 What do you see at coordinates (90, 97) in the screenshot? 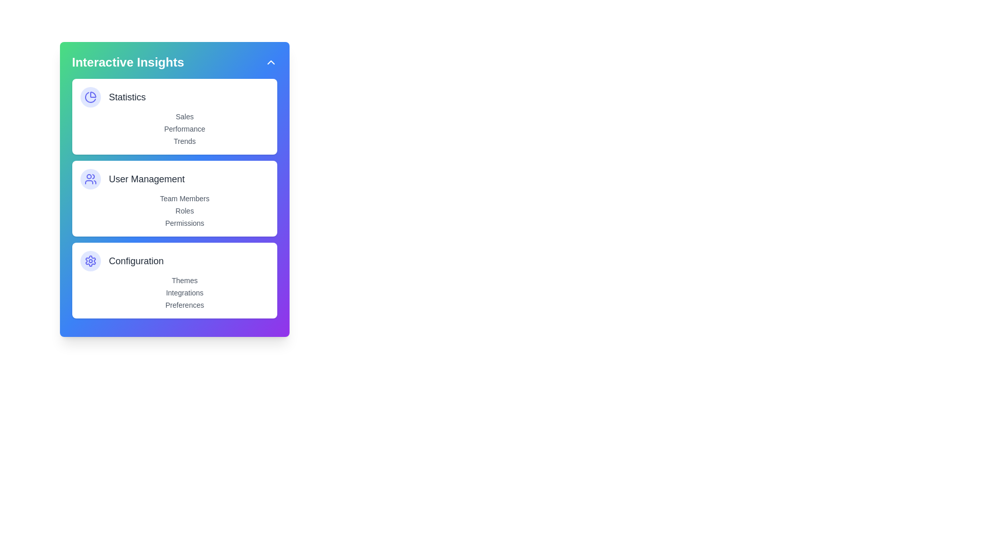
I see `the icon of the section Statistics` at bounding box center [90, 97].